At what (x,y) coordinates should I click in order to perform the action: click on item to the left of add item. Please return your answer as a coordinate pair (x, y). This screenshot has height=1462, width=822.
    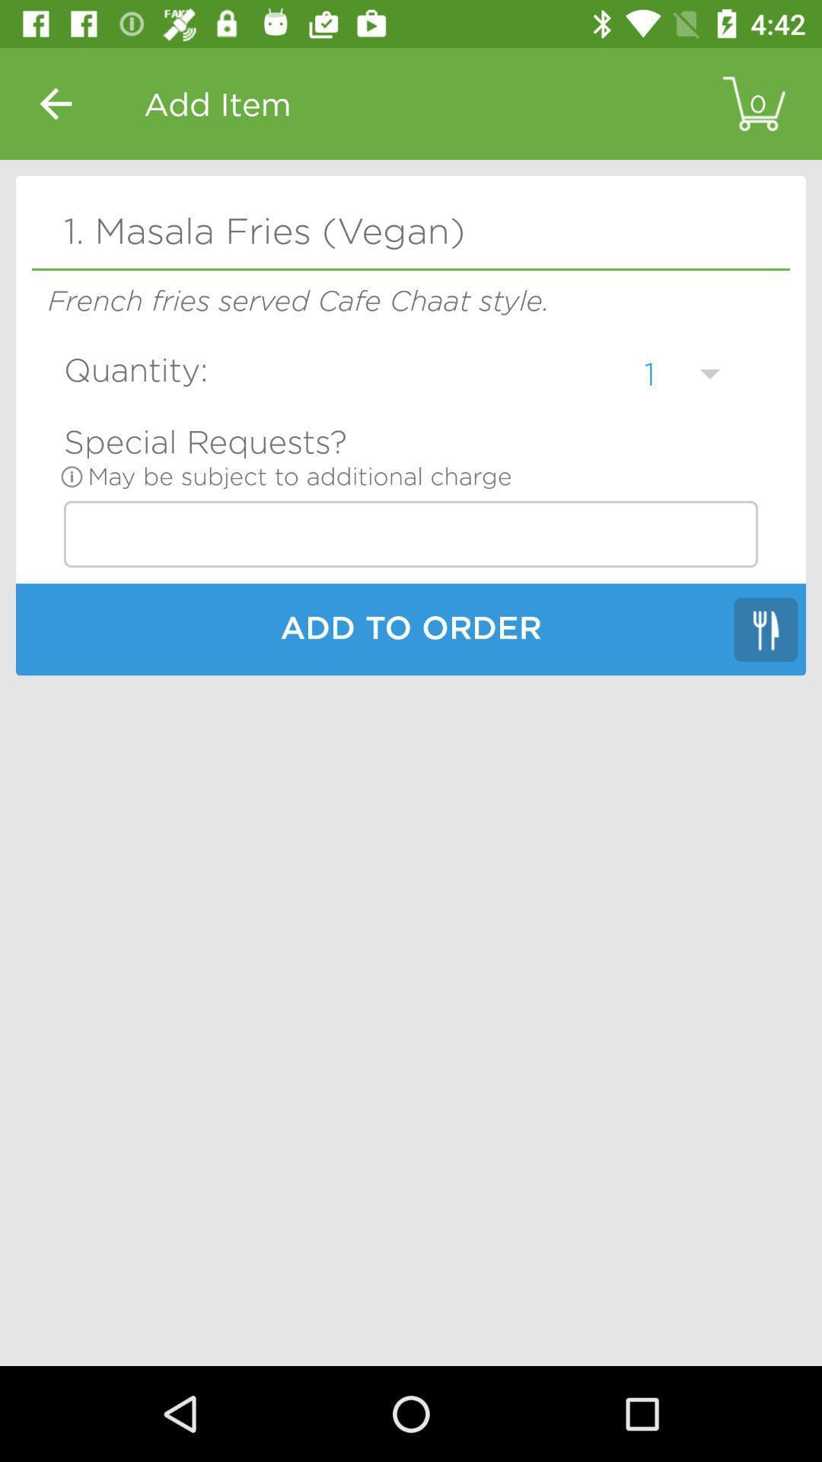
    Looking at the image, I should click on (55, 103).